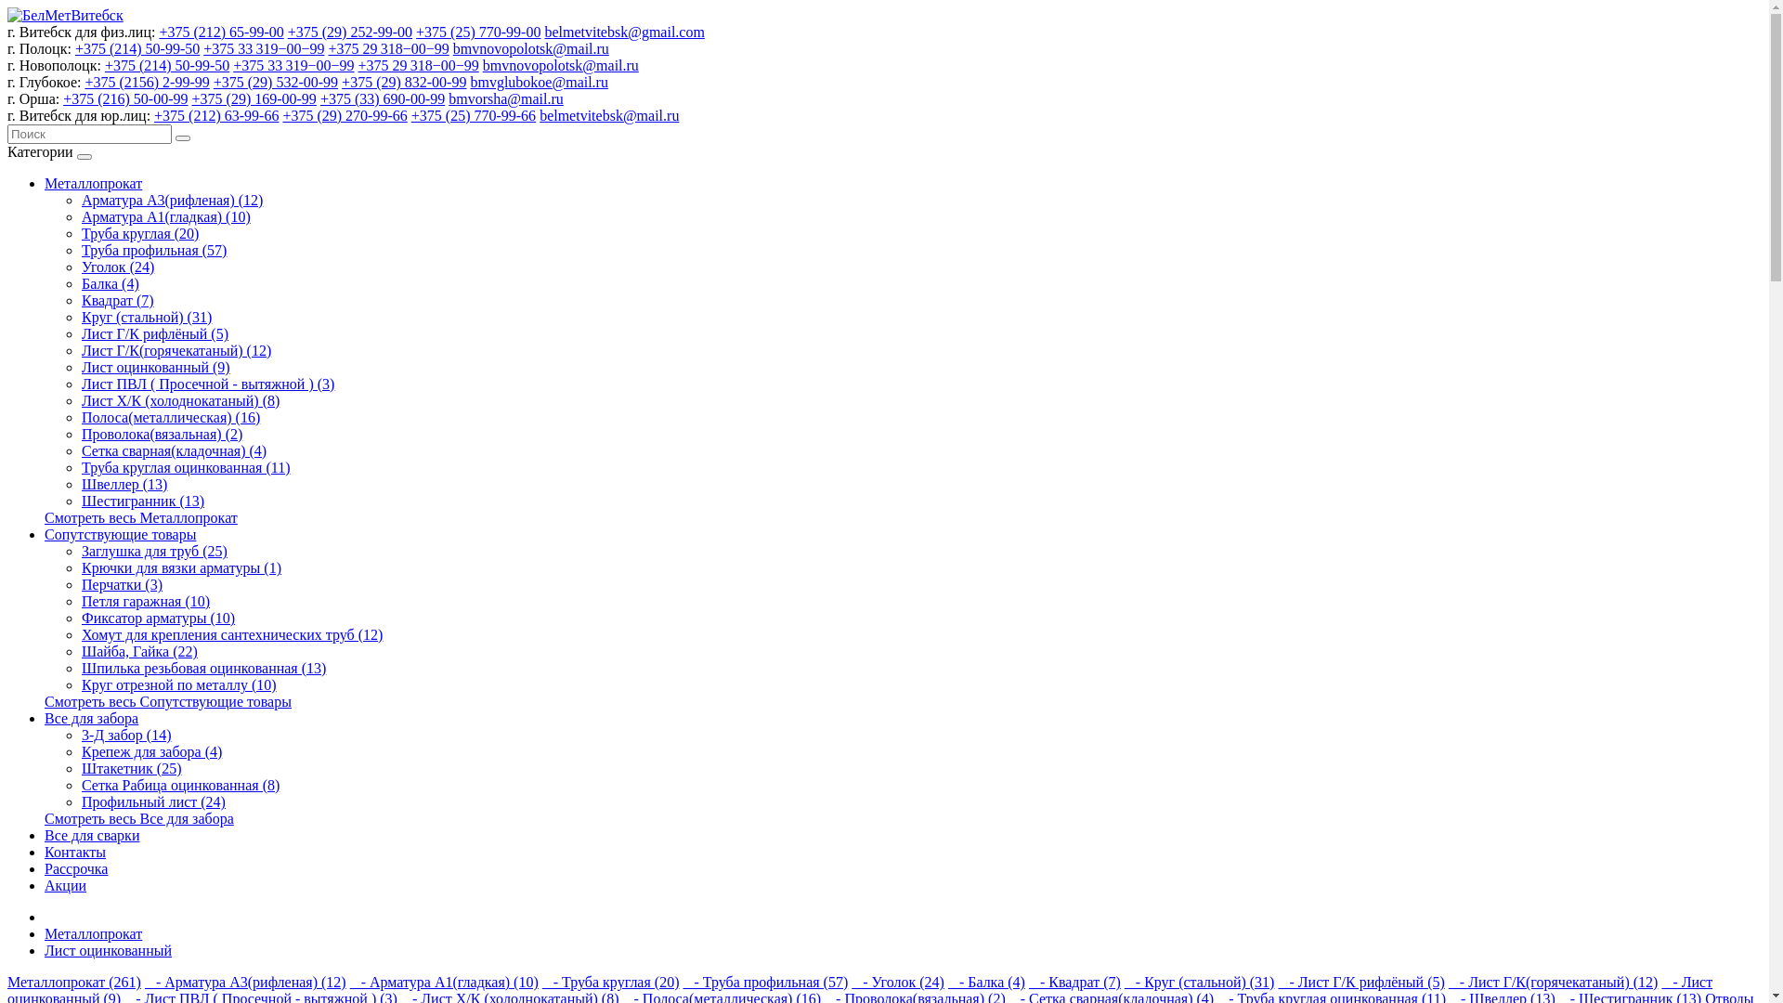 Image resolution: width=1783 pixels, height=1003 pixels. I want to click on 'bmvnovopolotsk@mail.ru', so click(529, 47).